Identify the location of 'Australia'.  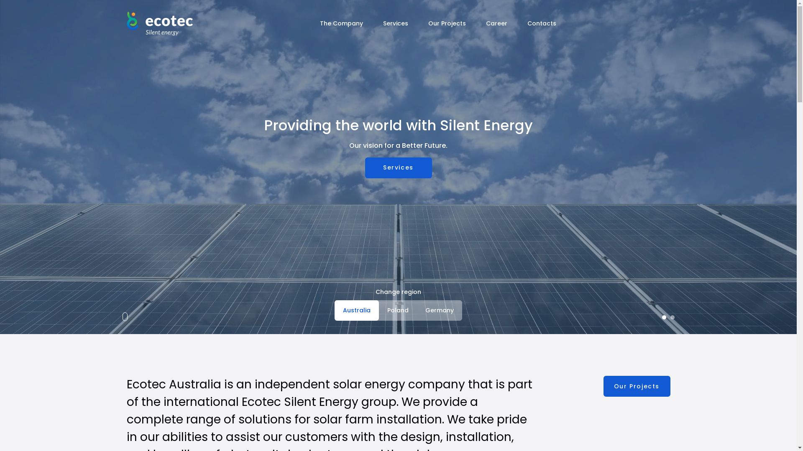
(357, 310).